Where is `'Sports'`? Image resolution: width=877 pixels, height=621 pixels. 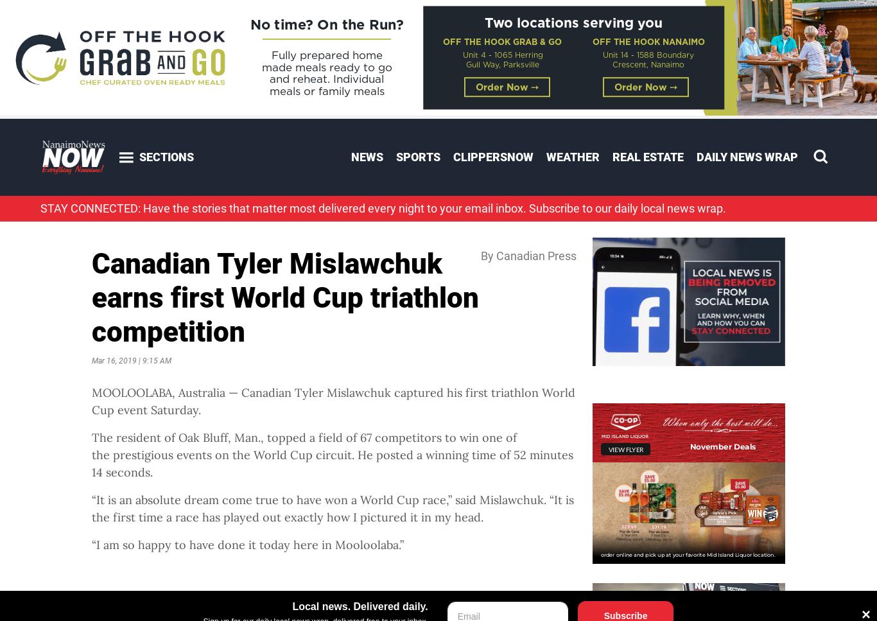
'Sports' is located at coordinates (417, 157).